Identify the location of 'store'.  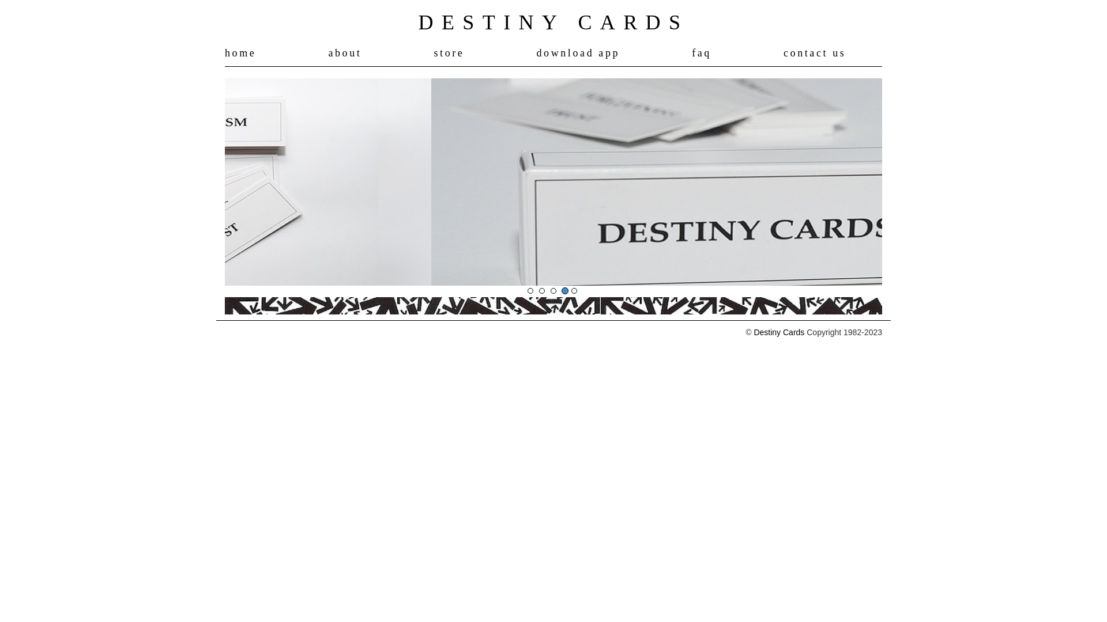
(448, 53).